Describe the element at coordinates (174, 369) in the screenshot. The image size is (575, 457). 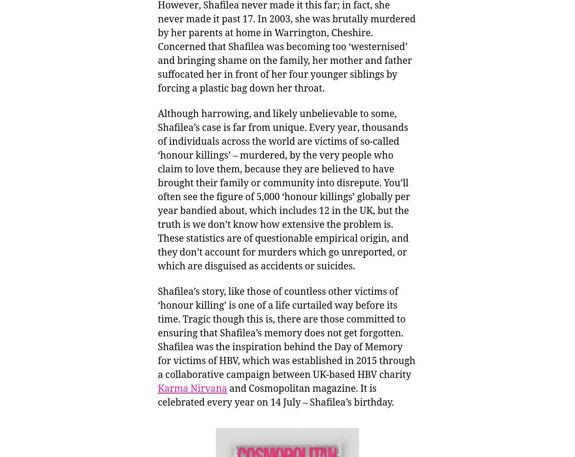
I see `'(15)'` at that location.